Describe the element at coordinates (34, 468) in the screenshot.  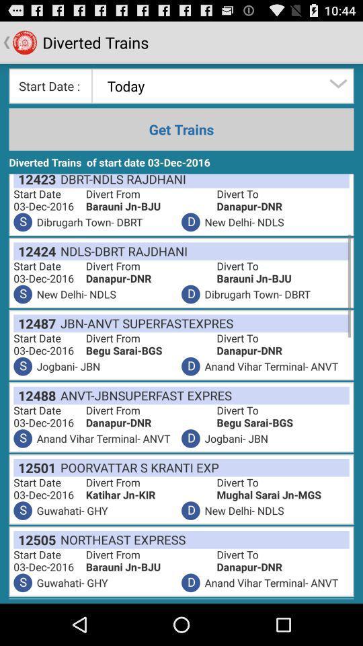
I see `the app below   s item` at that location.